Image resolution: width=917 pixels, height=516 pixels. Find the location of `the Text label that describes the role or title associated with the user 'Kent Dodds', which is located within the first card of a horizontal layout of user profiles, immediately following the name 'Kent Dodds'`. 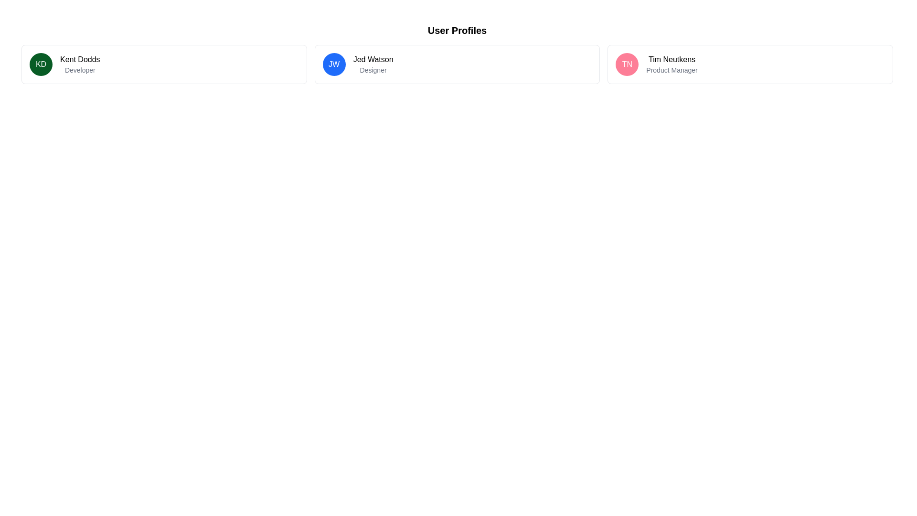

the Text label that describes the role or title associated with the user 'Kent Dodds', which is located within the first card of a horizontal layout of user profiles, immediately following the name 'Kent Dodds' is located at coordinates (80, 69).